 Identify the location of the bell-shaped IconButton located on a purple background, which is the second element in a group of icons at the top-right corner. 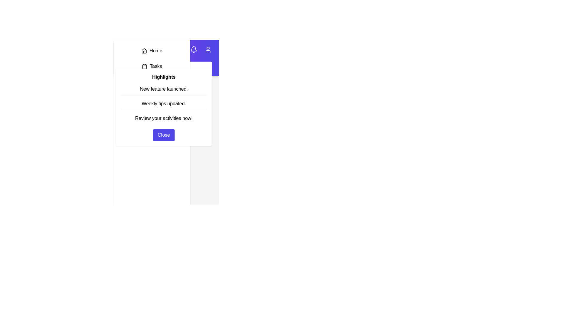
(194, 49).